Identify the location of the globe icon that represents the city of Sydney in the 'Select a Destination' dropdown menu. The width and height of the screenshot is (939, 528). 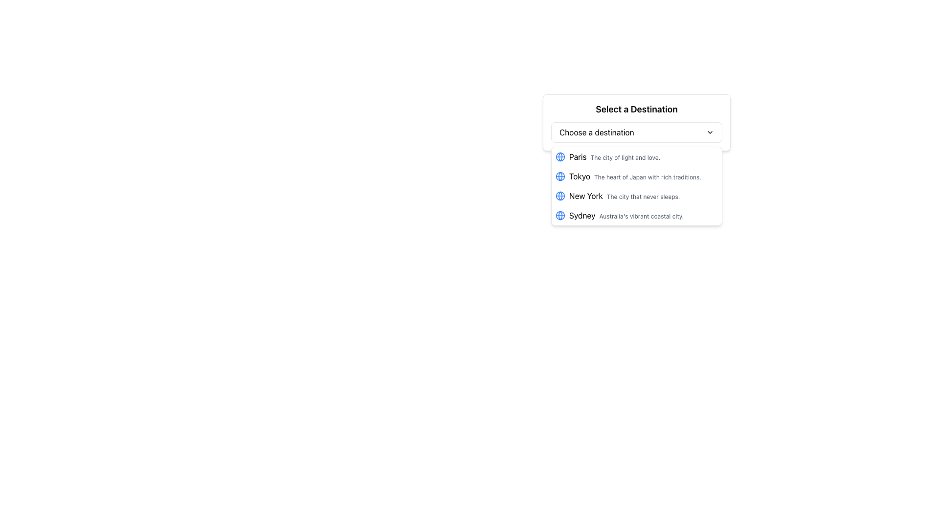
(560, 215).